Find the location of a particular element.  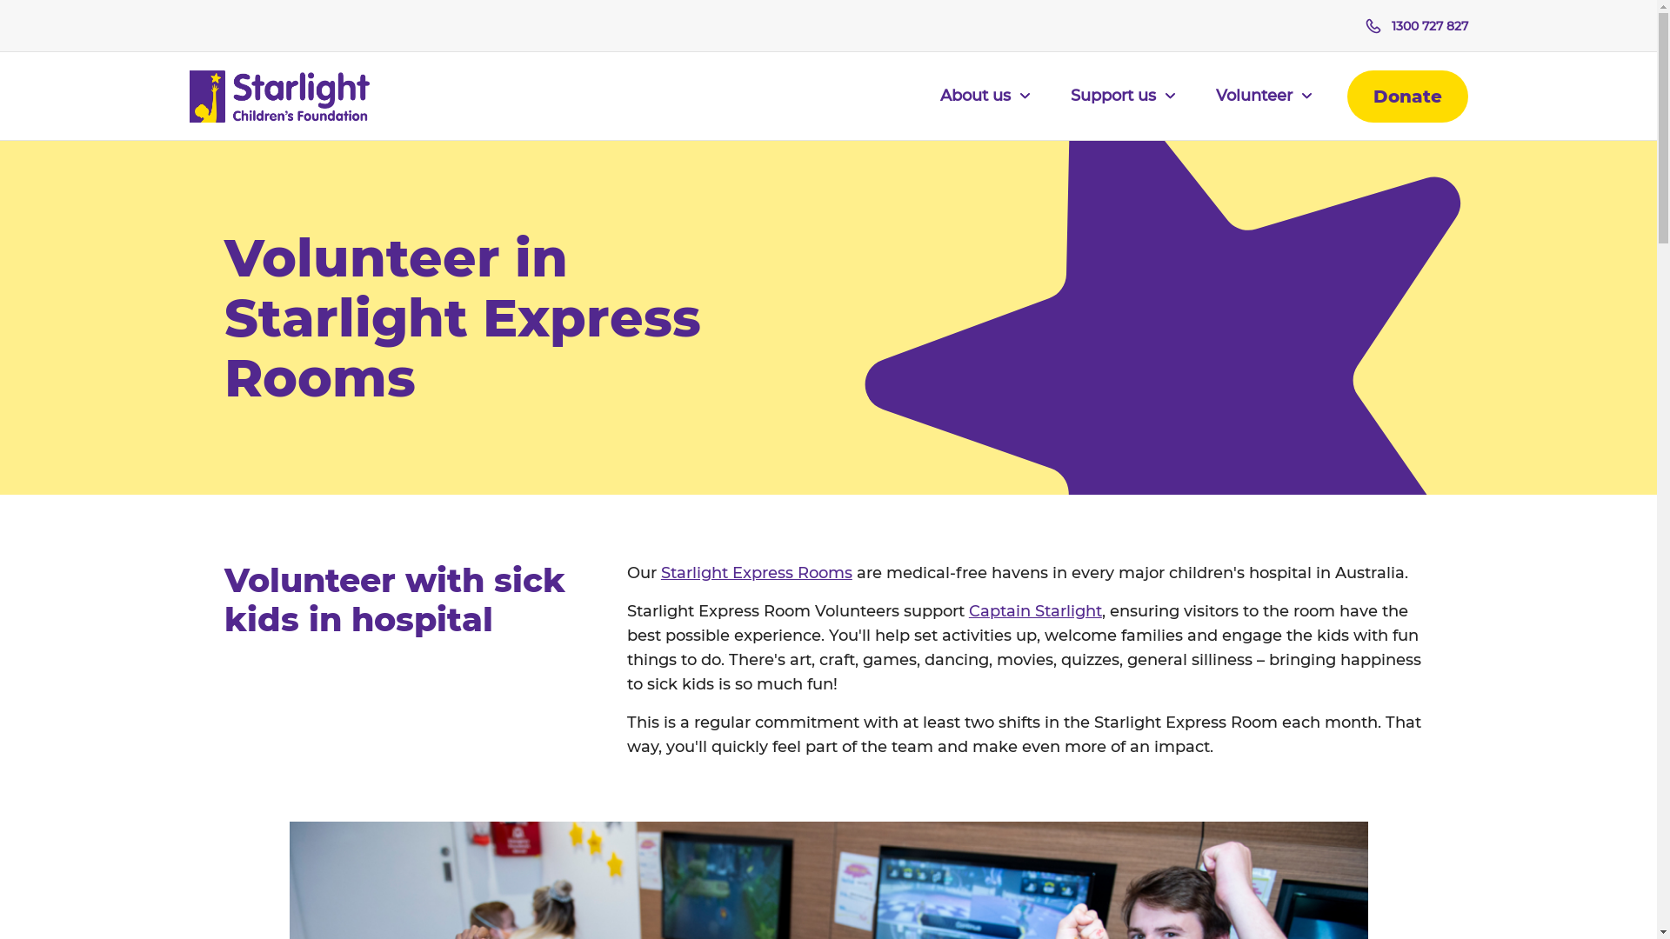

'Starlight' is located at coordinates (279, 97).